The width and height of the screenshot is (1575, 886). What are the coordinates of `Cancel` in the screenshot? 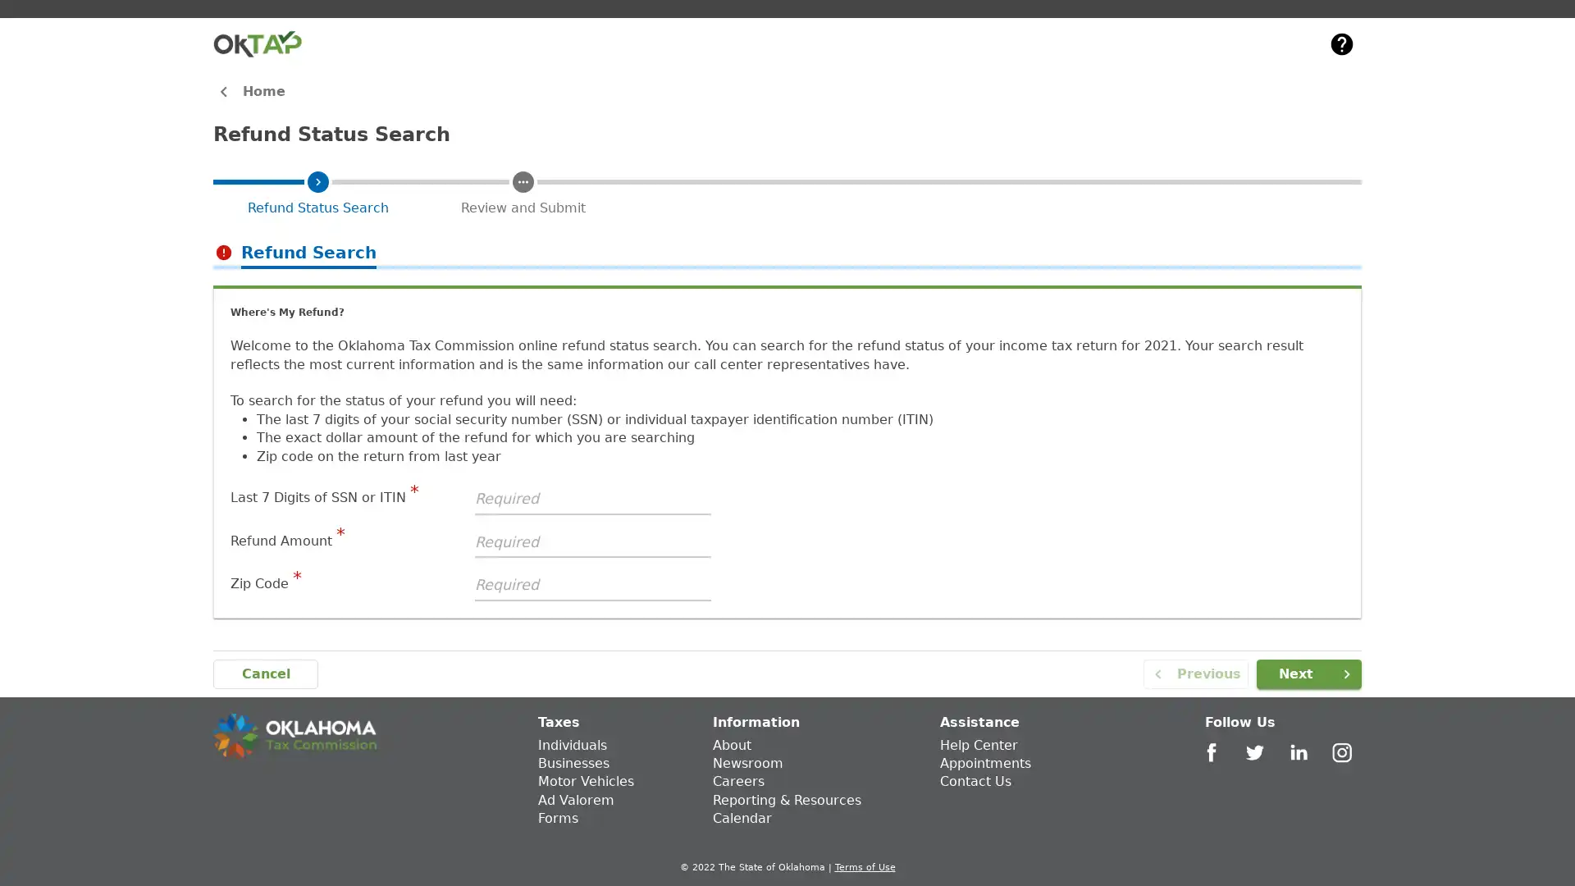 It's located at (266, 674).